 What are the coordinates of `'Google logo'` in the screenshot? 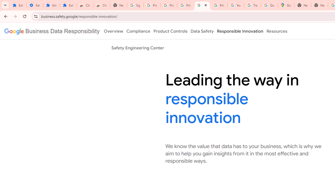 It's located at (52, 31).